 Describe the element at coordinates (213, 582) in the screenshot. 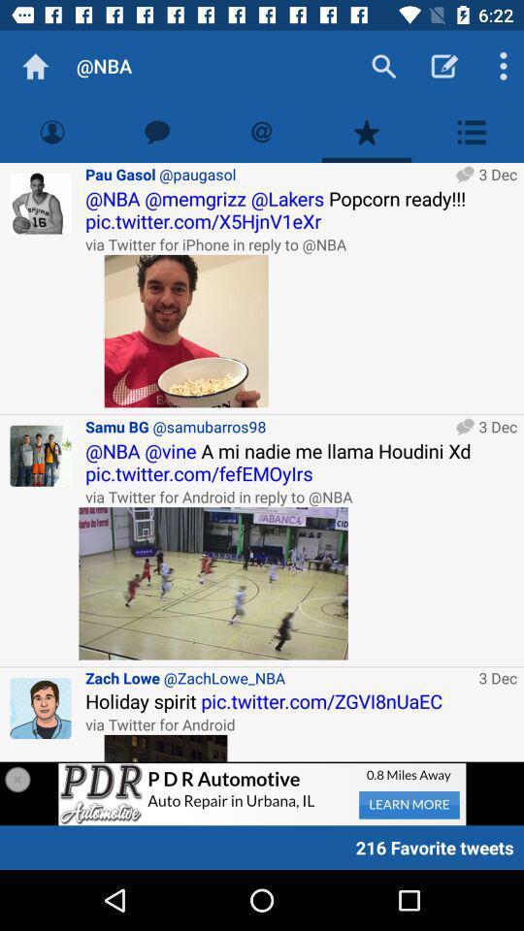

I see `image` at that location.